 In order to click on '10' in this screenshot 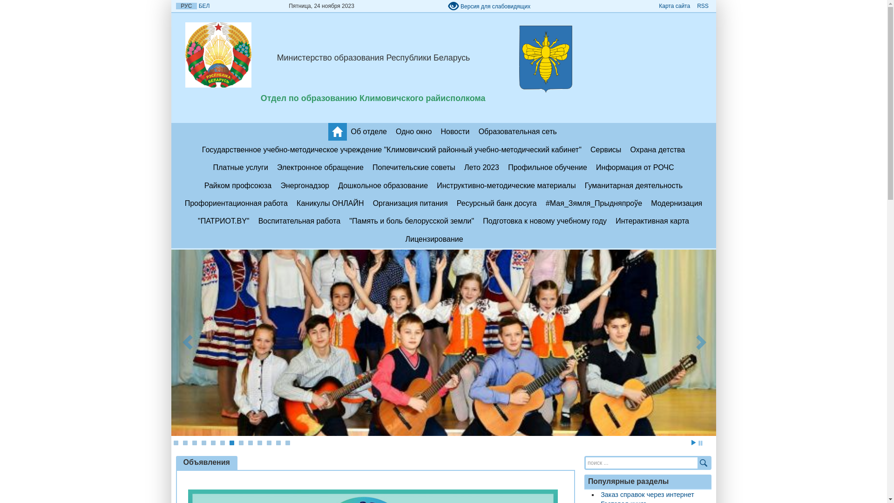, I will do `click(259, 442)`.